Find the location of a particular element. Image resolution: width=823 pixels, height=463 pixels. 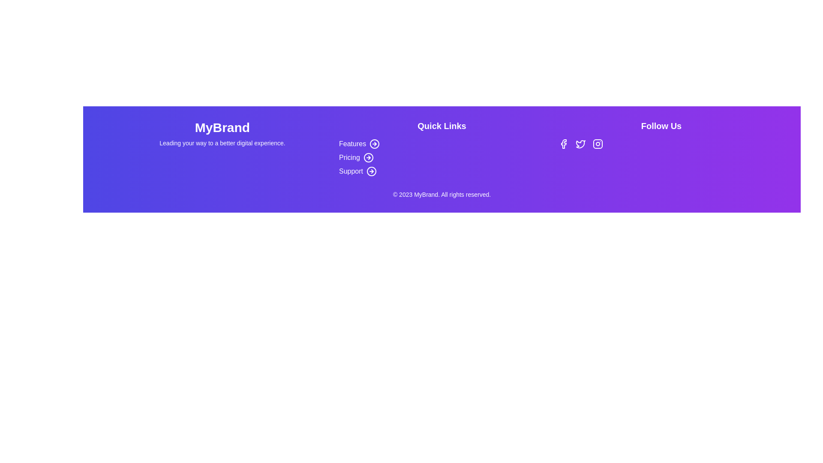

the central rounded square within the last icon to the right in the 'Follow Us' section of the footer is located at coordinates (598, 143).